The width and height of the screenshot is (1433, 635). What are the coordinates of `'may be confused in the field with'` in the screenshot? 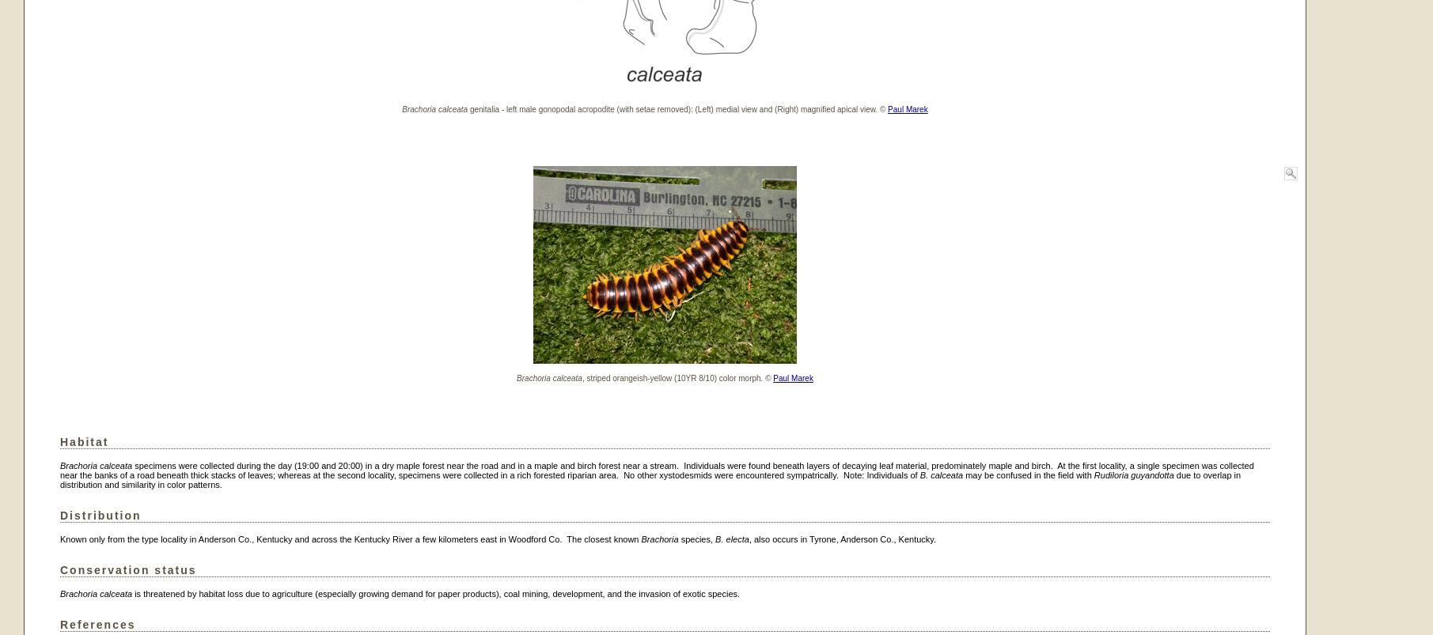 It's located at (1028, 474).